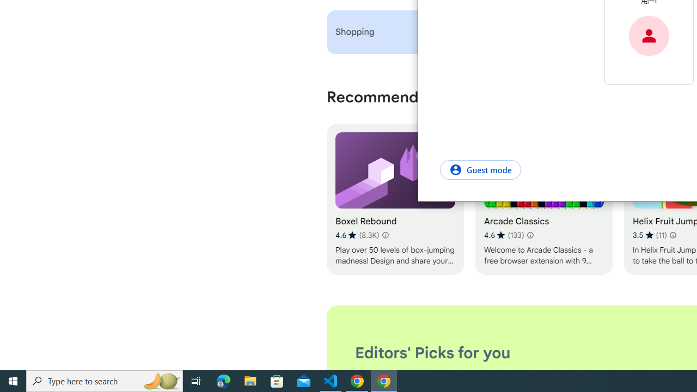  I want to click on 'Type here to search', so click(105, 380).